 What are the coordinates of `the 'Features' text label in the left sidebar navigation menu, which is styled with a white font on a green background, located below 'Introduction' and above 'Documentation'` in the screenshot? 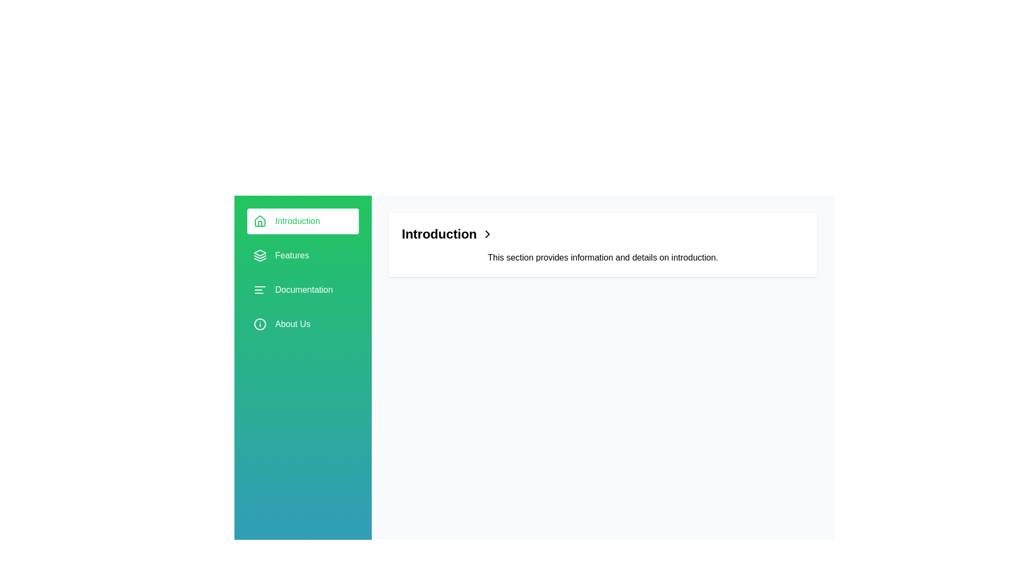 It's located at (292, 256).